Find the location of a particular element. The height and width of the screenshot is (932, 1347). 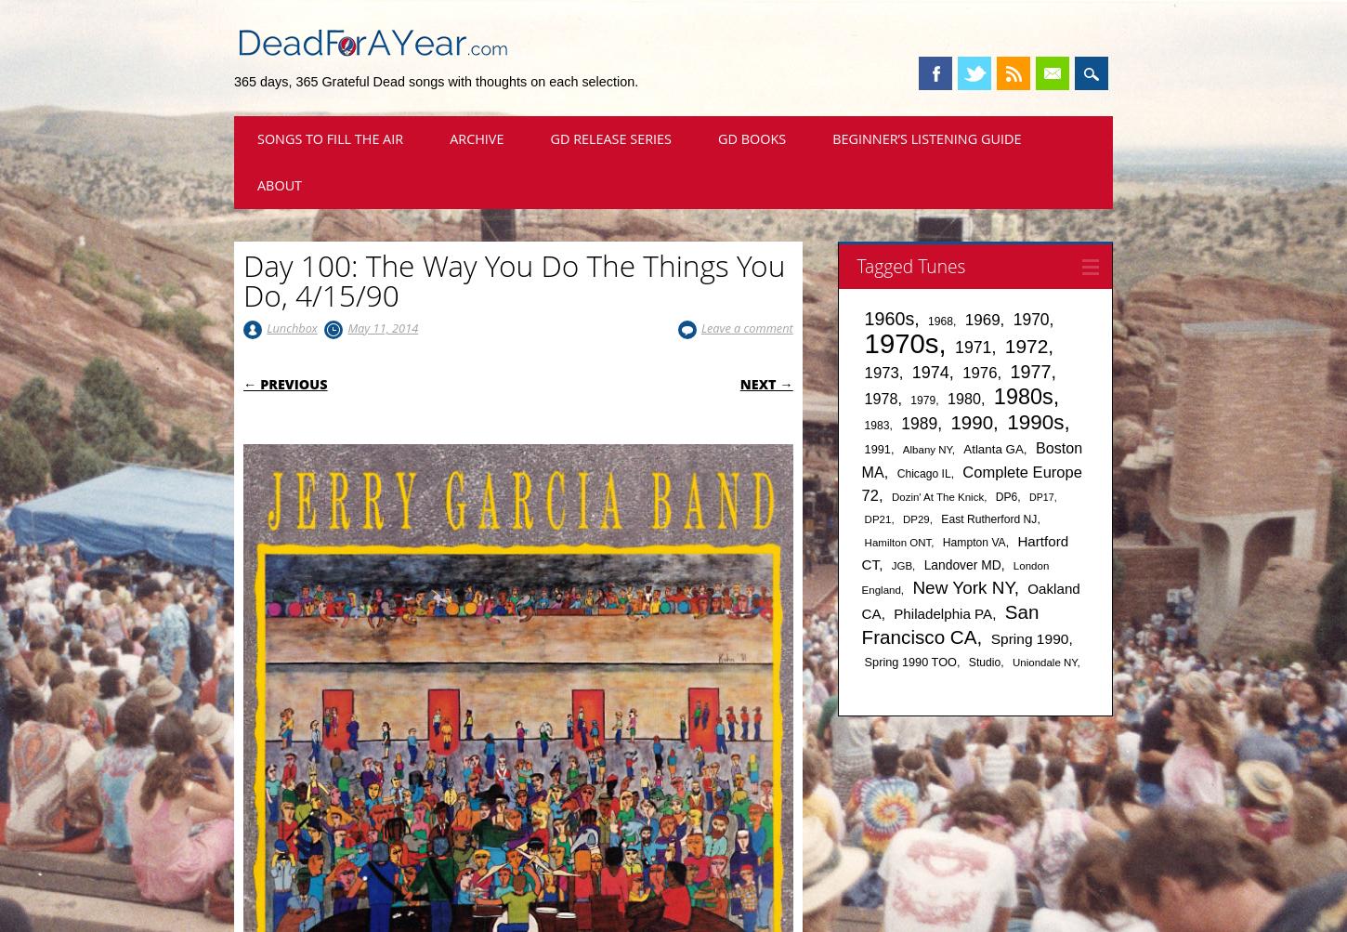

'DP21' is located at coordinates (876, 518).